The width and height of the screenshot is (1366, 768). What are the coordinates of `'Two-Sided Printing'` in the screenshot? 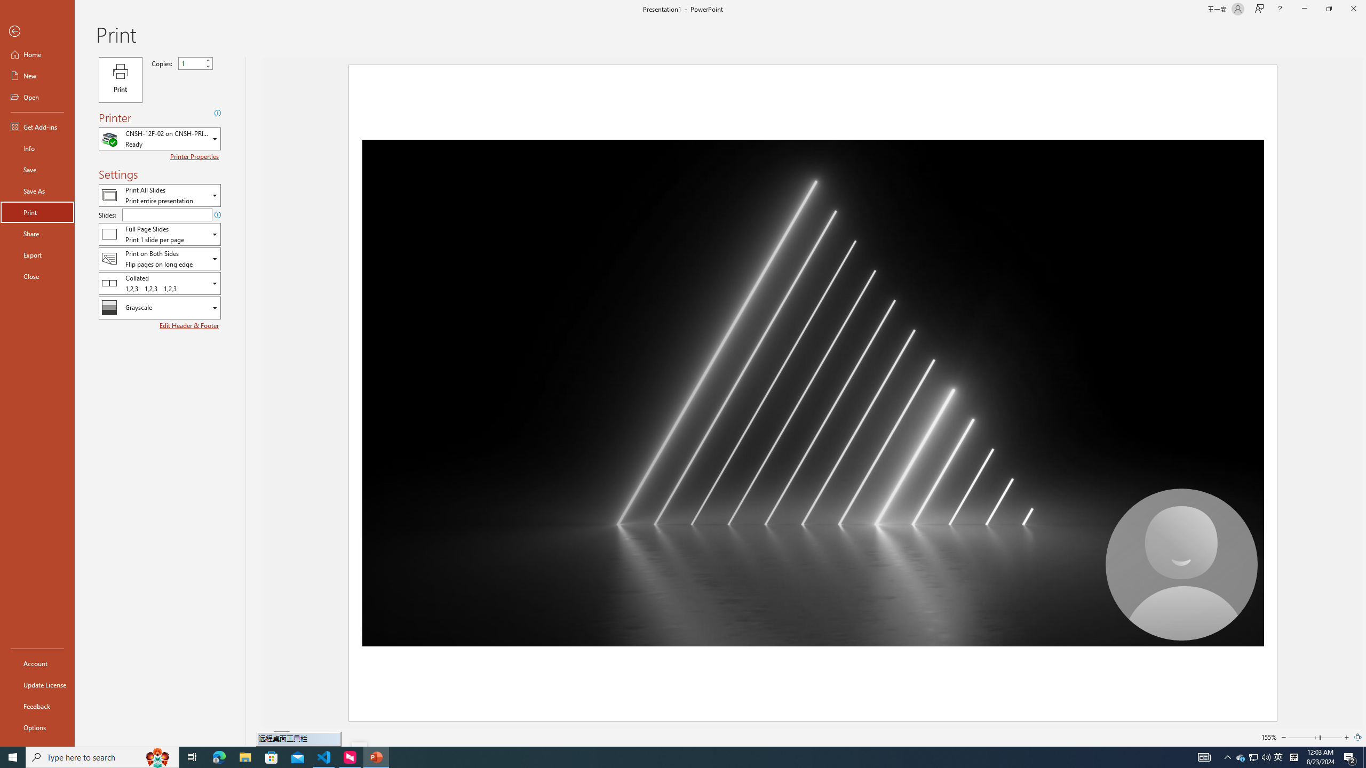 It's located at (159, 259).